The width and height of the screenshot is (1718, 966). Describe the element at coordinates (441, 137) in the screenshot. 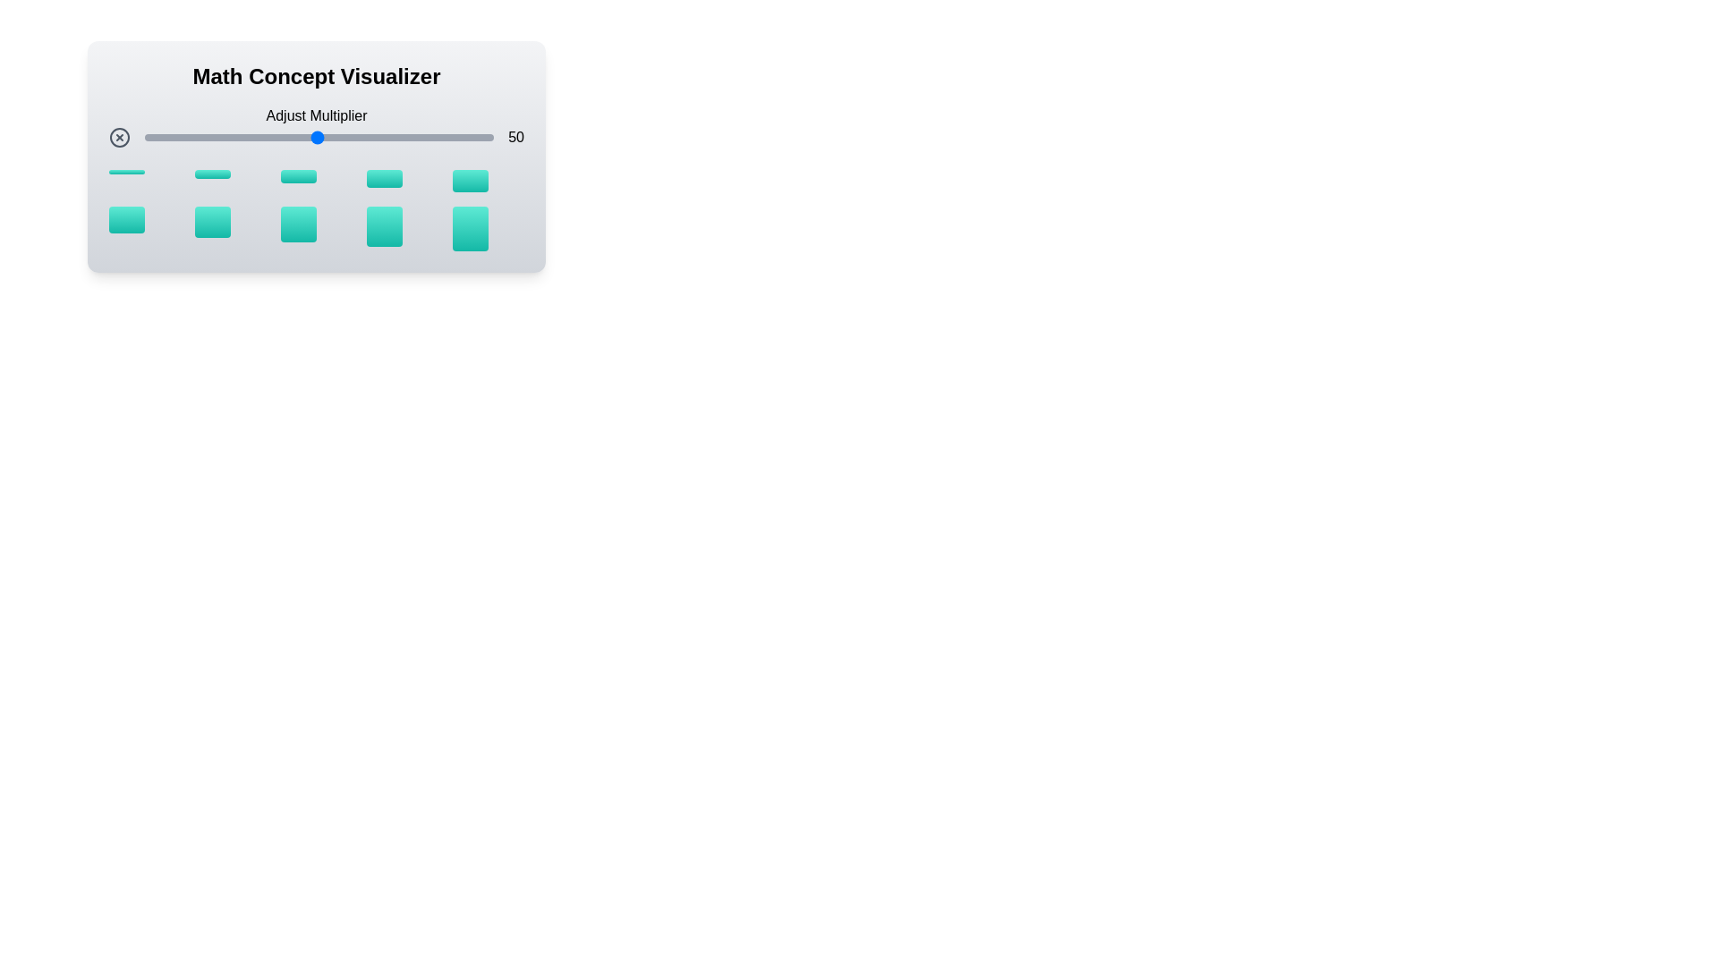

I see `the multiplier slider to set the value to 85` at that location.